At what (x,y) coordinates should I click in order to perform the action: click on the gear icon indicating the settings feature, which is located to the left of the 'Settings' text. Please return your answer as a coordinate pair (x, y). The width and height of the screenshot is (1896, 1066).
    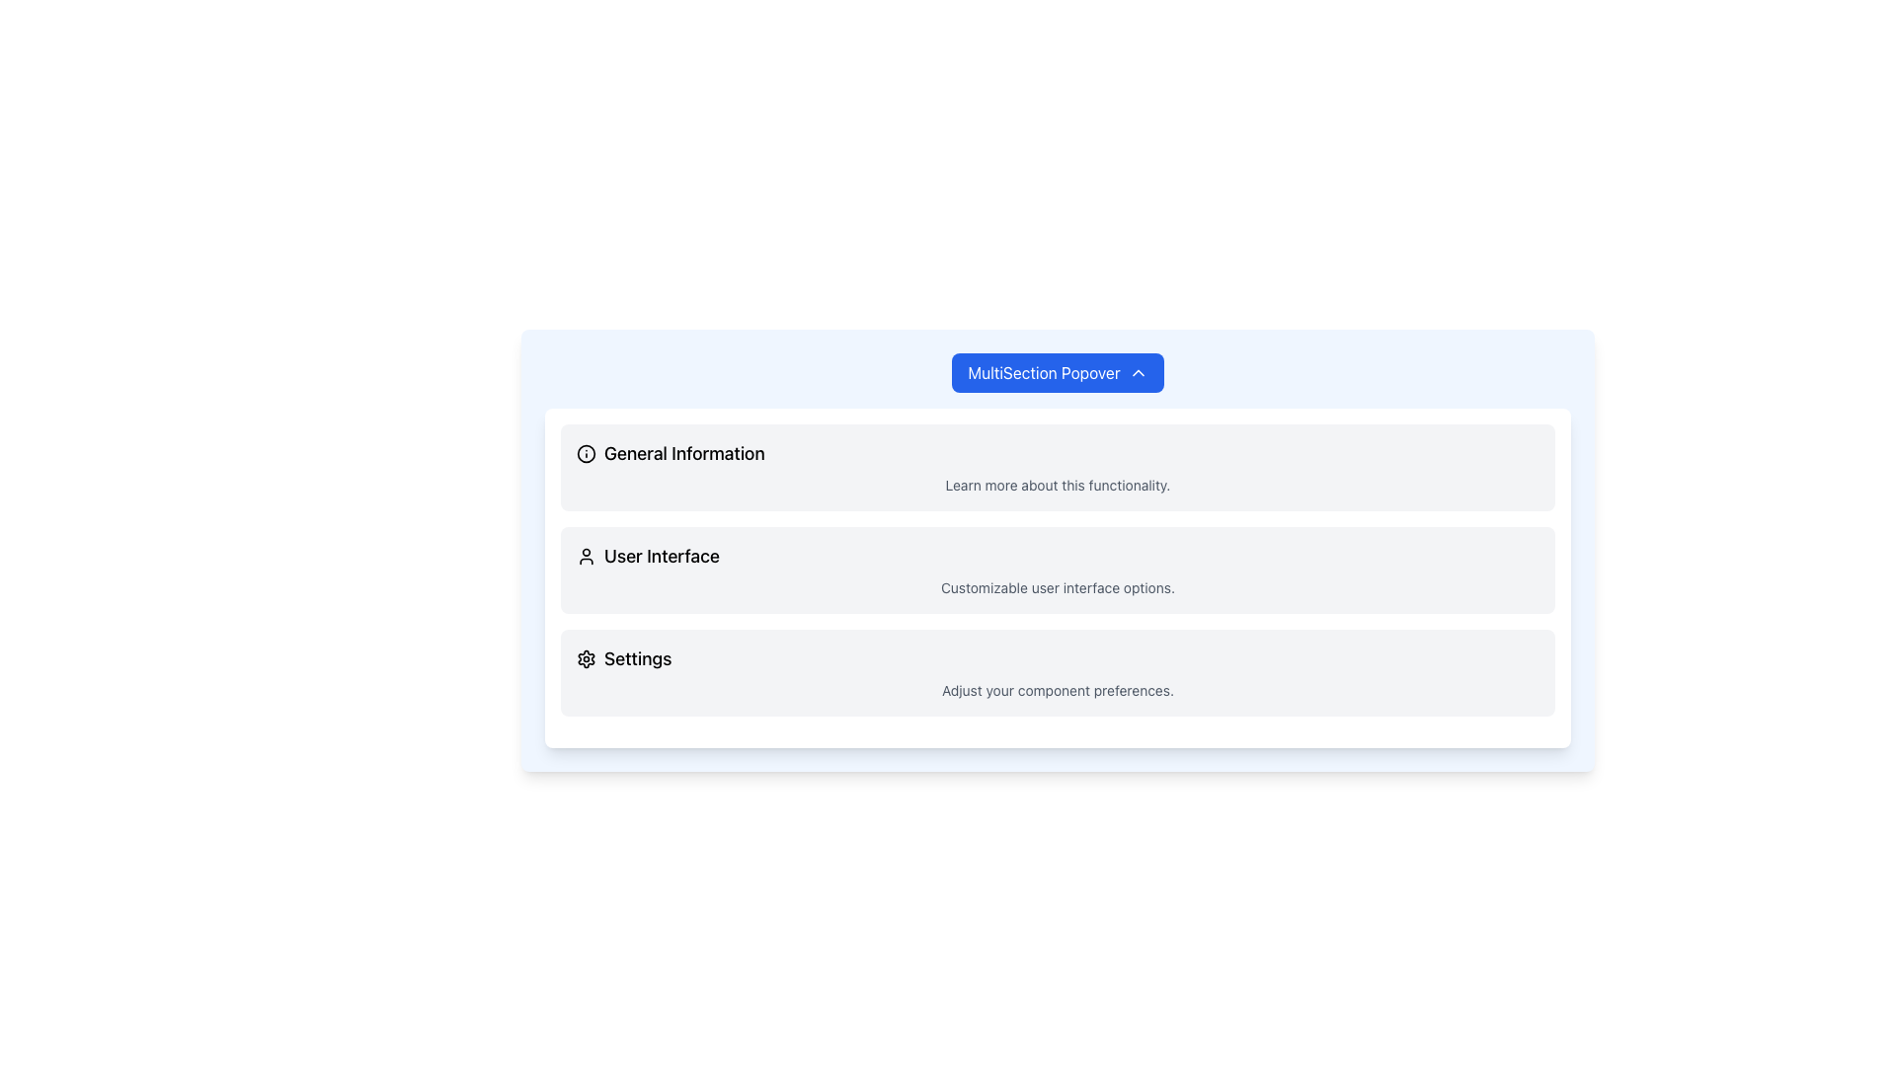
    Looking at the image, I should click on (586, 658).